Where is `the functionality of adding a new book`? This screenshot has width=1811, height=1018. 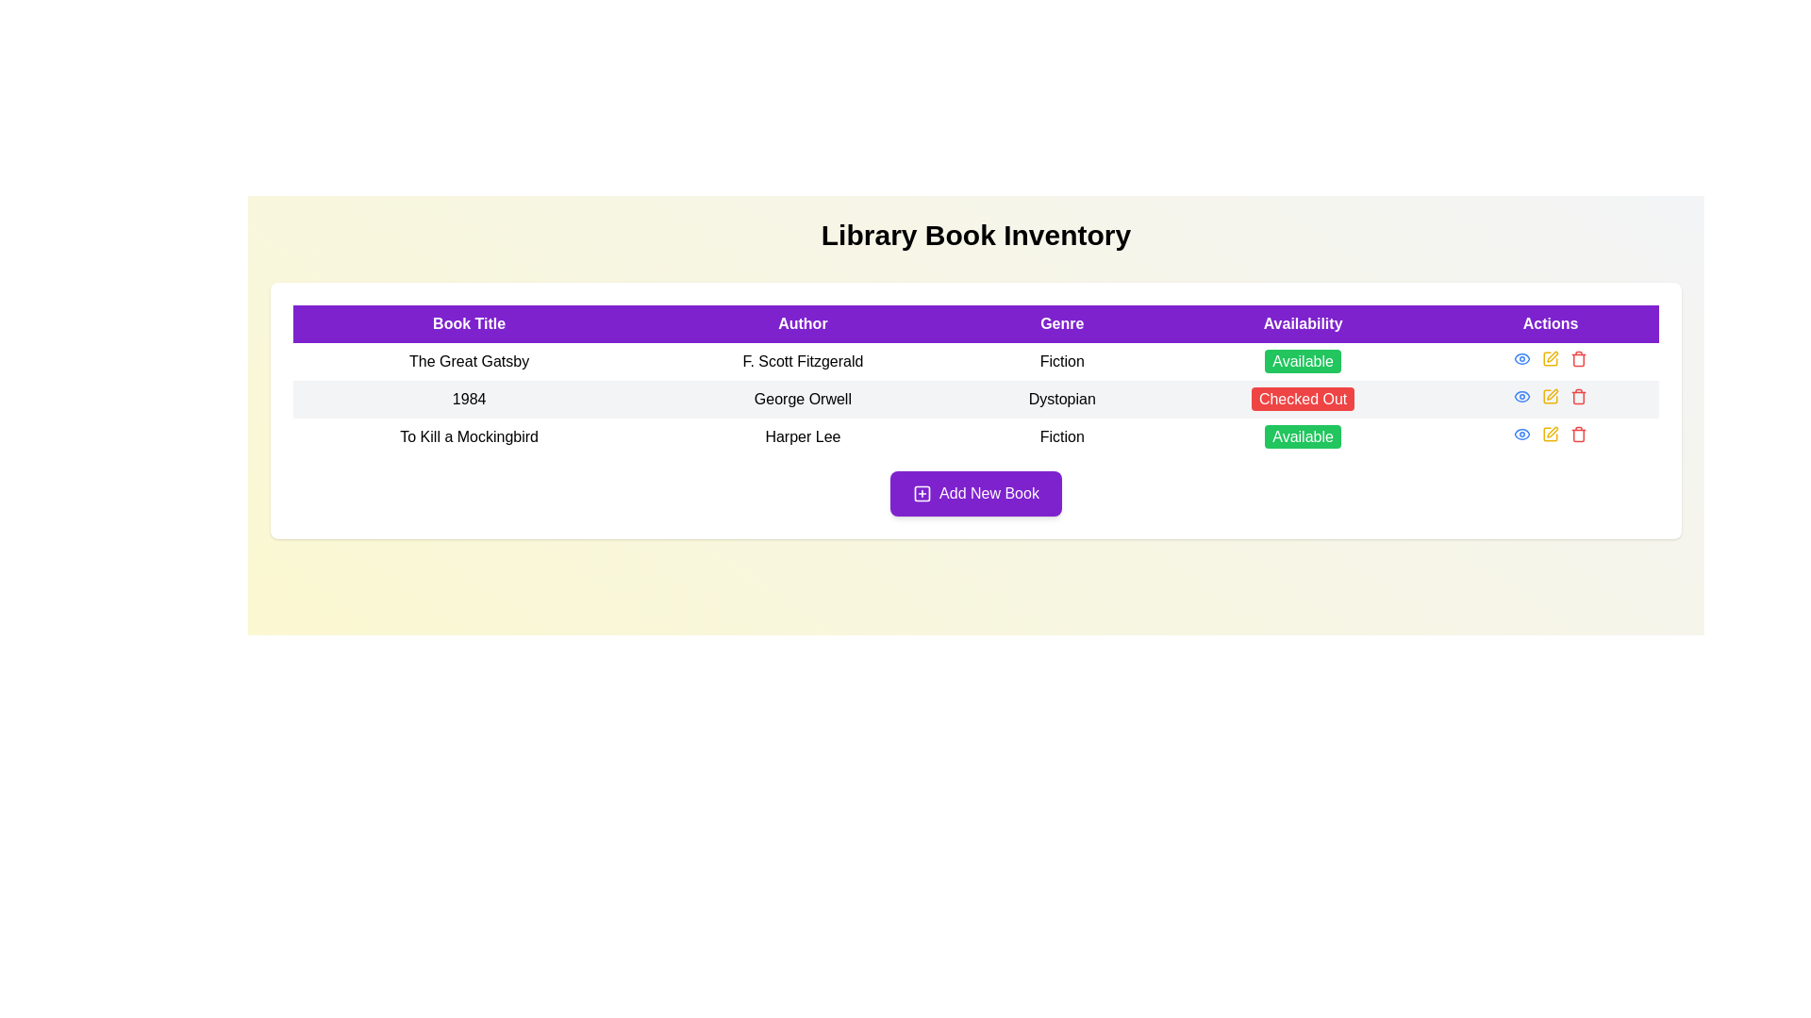 the functionality of adding a new book is located at coordinates (922, 493).